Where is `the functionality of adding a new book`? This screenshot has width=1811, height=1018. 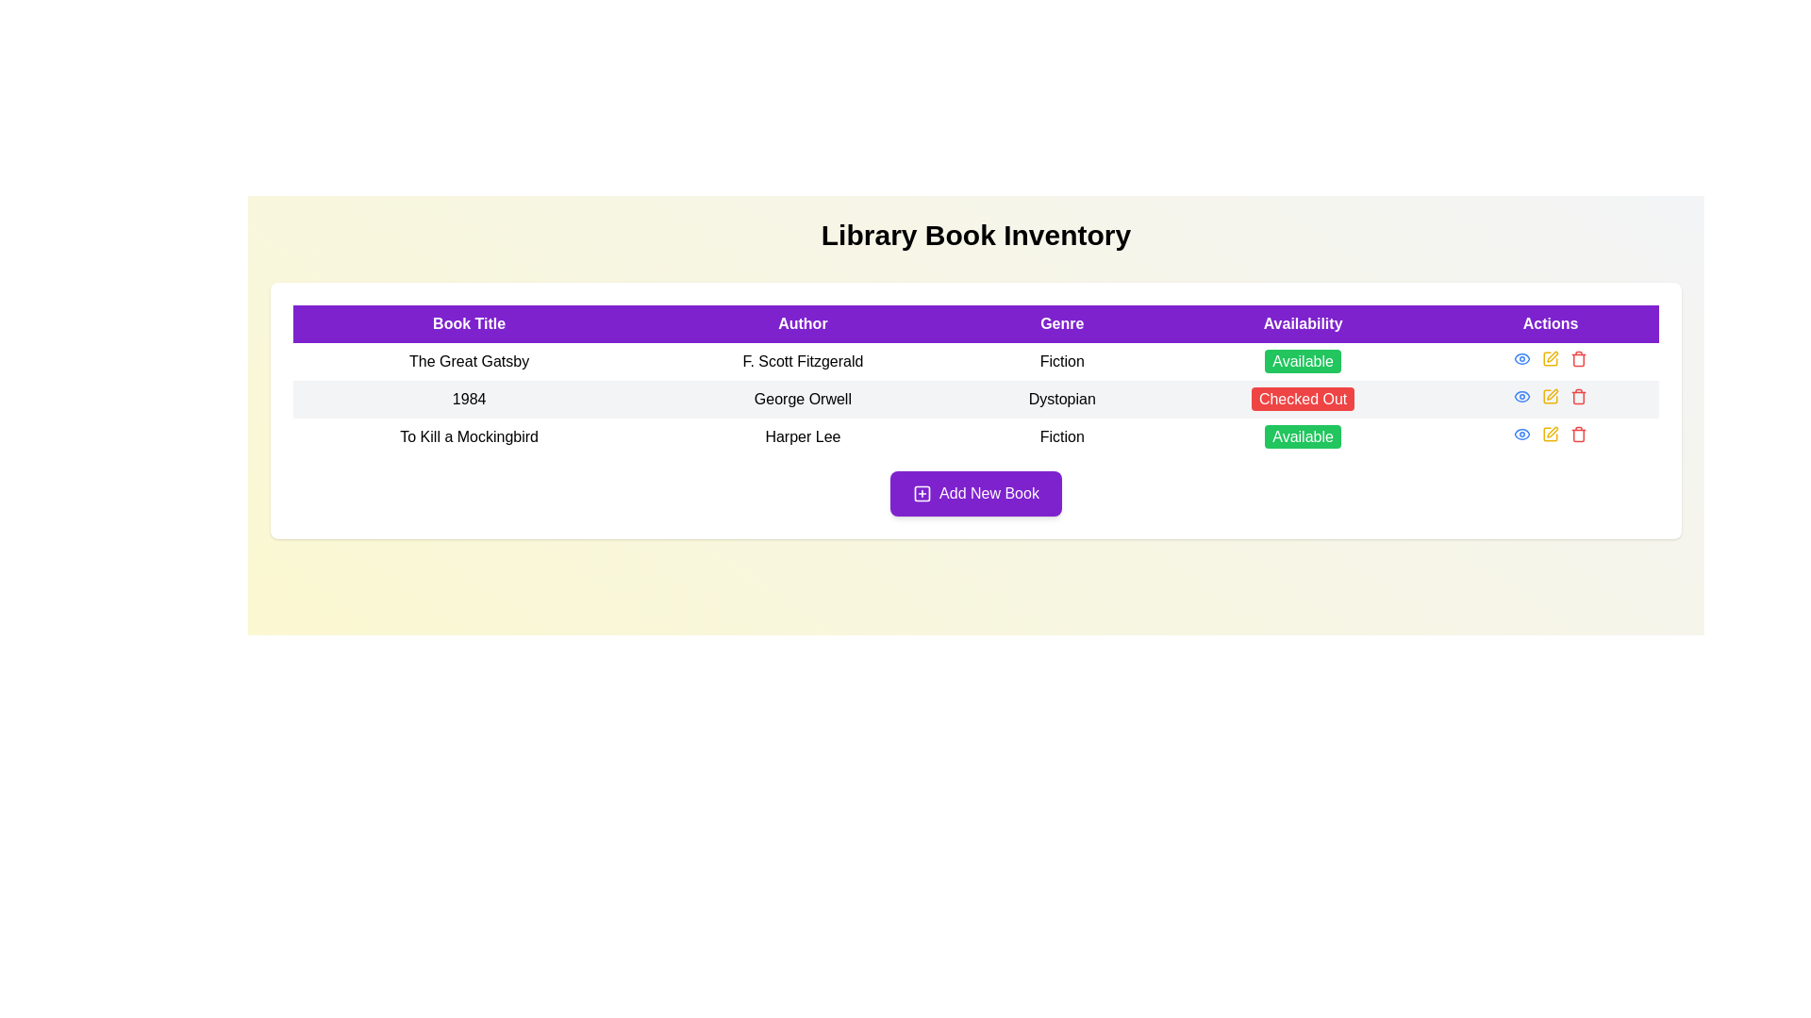 the functionality of adding a new book is located at coordinates (922, 493).